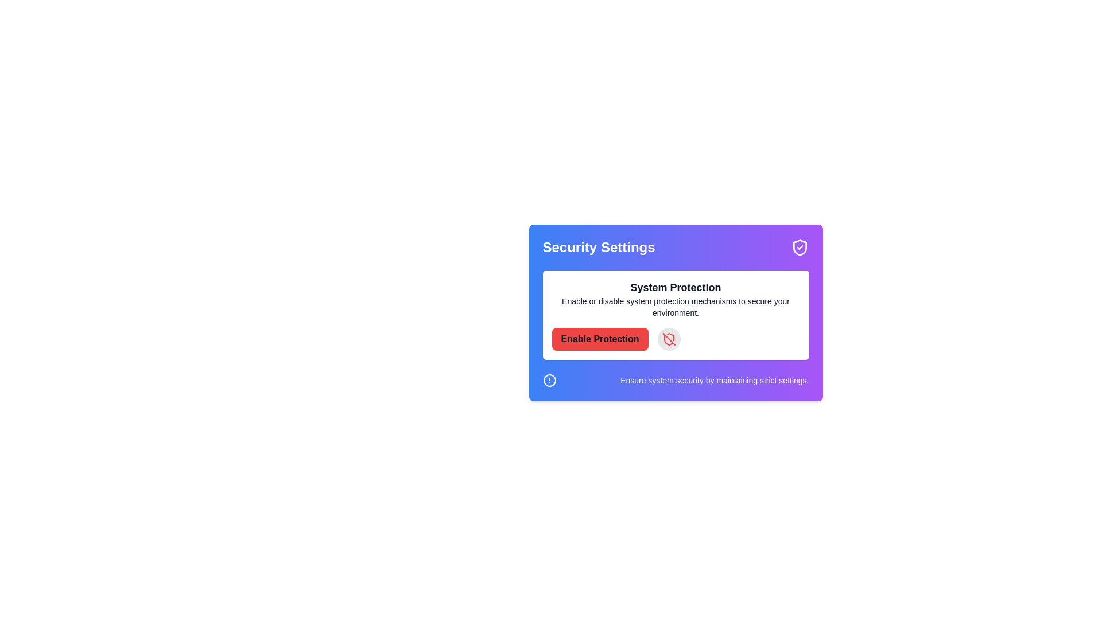  Describe the element at coordinates (676, 380) in the screenshot. I see `the Informational Section that contains a warning icon on the left and a message reading 'Ensure system security by maintaining strict settings.' in white font over a blue and purple gradient background` at that location.